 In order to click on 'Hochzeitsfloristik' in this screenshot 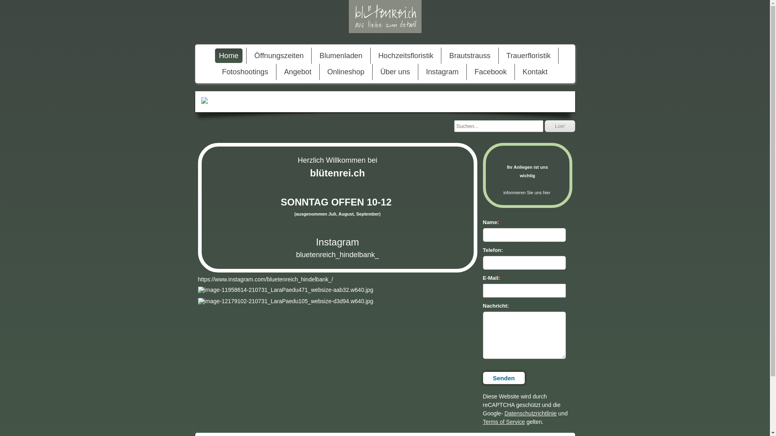, I will do `click(405, 55)`.